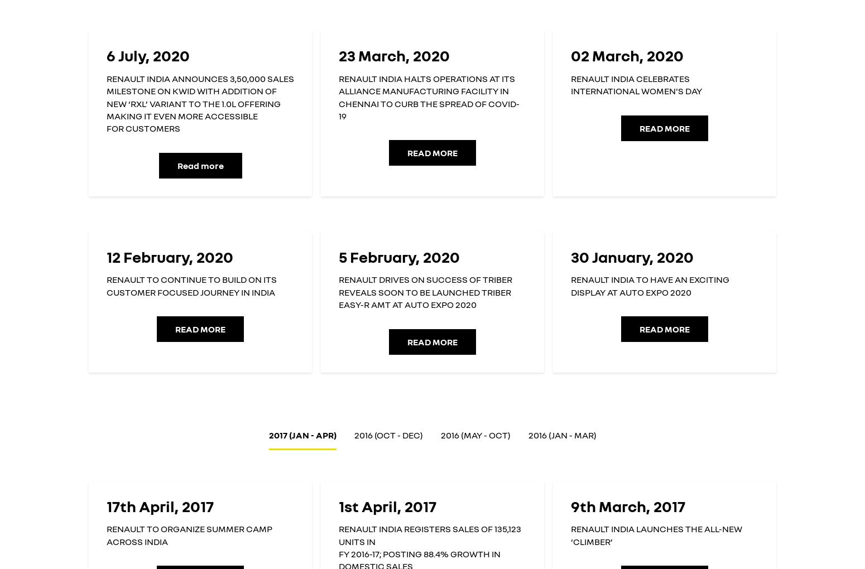 This screenshot has height=569, width=865. What do you see at coordinates (338, 55) in the screenshot?
I see `'23 March, 2020'` at bounding box center [338, 55].